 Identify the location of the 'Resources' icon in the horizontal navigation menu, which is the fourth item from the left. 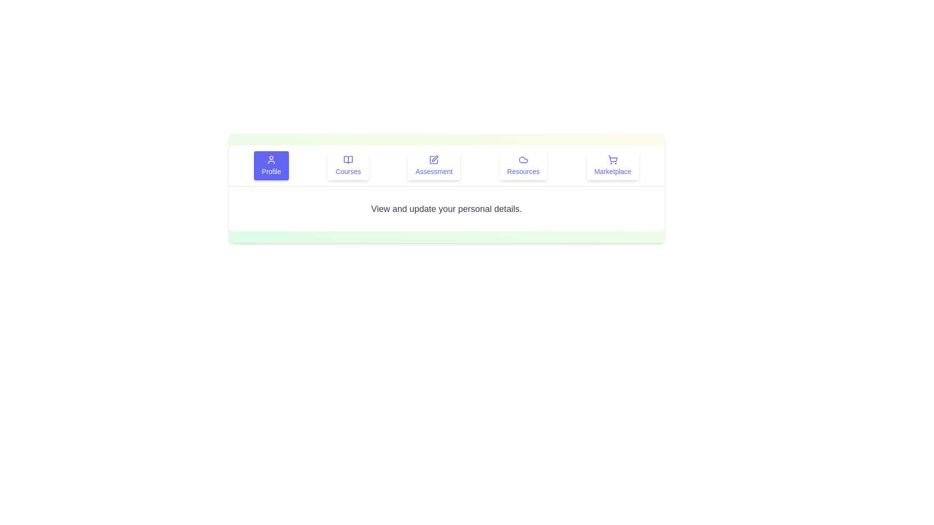
(522, 159).